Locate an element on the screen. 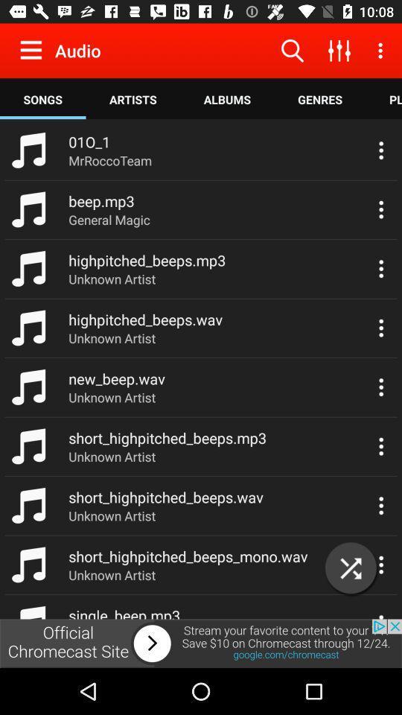 The width and height of the screenshot is (402, 715). advertisement is located at coordinates (201, 643).